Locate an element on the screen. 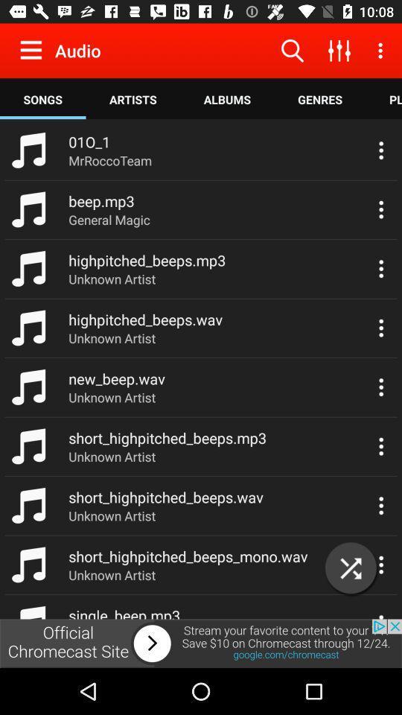 The width and height of the screenshot is (402, 715). advertisement is located at coordinates (201, 643).